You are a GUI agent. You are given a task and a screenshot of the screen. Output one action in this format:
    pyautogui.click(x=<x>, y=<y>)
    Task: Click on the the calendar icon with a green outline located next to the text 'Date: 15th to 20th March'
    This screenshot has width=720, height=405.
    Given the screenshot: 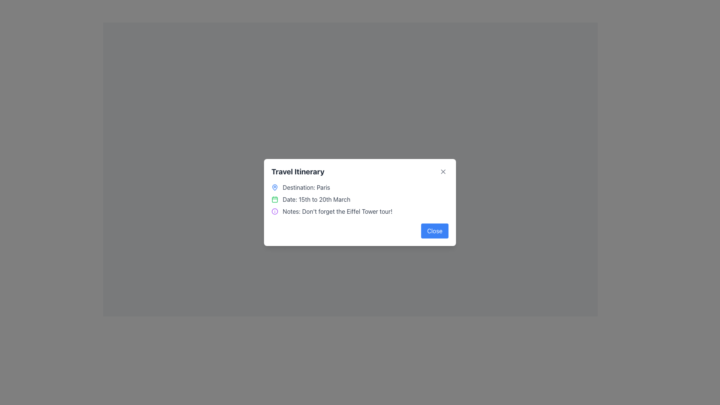 What is the action you would take?
    pyautogui.click(x=274, y=199)
    